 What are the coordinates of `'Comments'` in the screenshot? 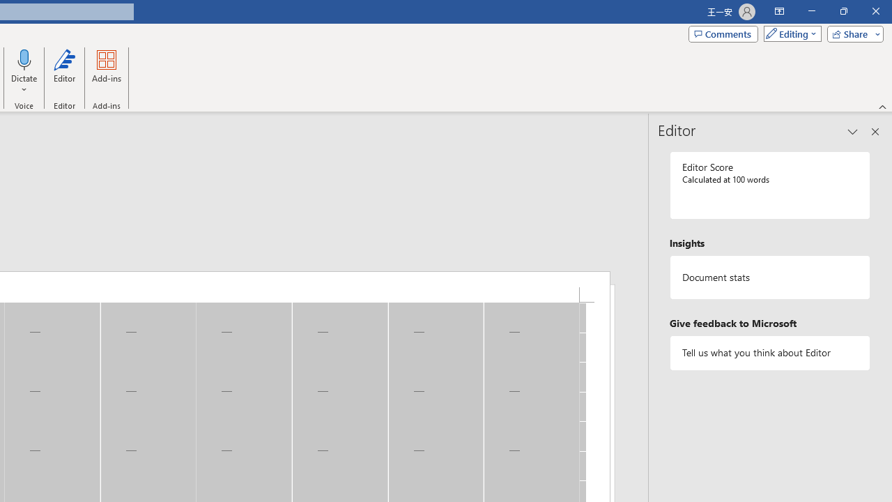 It's located at (723, 33).